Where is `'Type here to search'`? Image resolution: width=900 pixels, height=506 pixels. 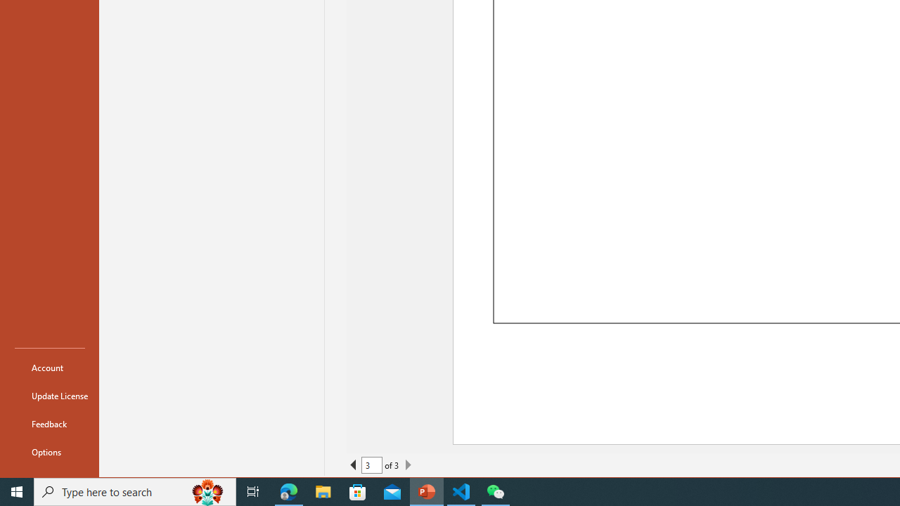 'Type here to search' is located at coordinates (135, 491).